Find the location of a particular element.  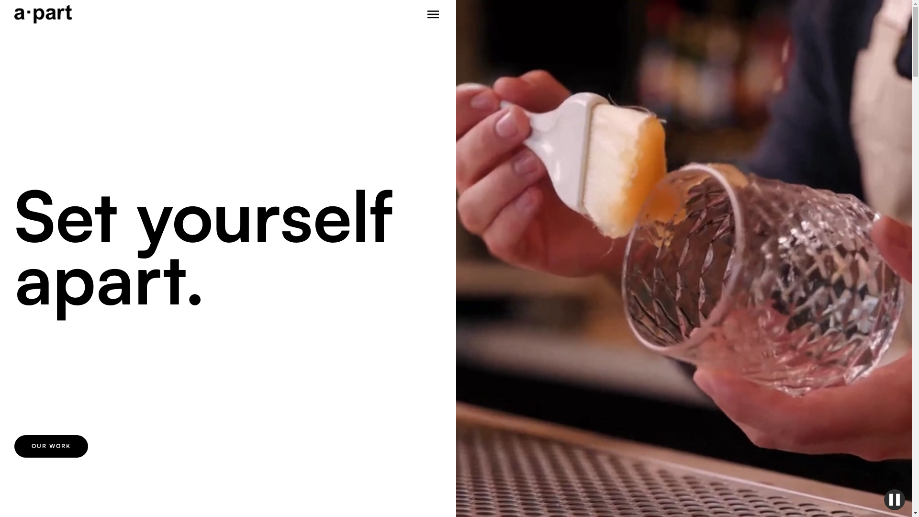

'OUR WORK' is located at coordinates (50, 446).